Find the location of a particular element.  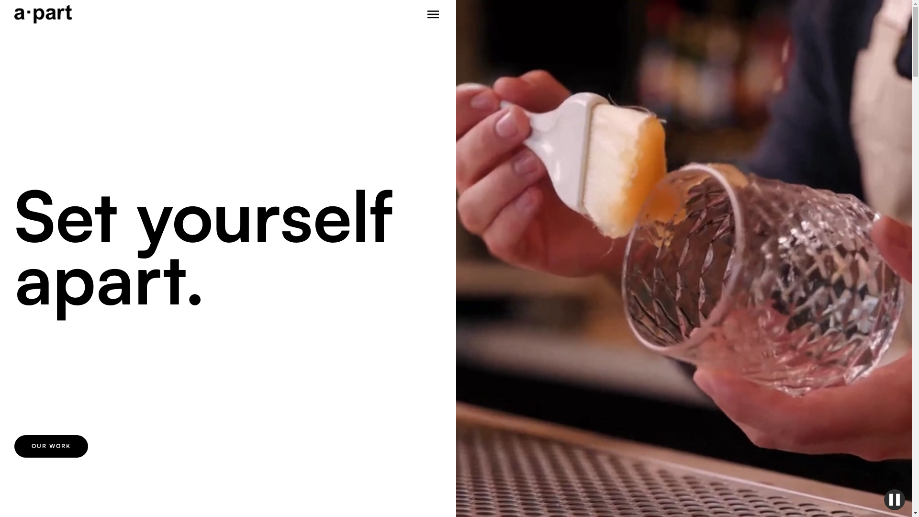

'OUR WORK' is located at coordinates (50, 446).